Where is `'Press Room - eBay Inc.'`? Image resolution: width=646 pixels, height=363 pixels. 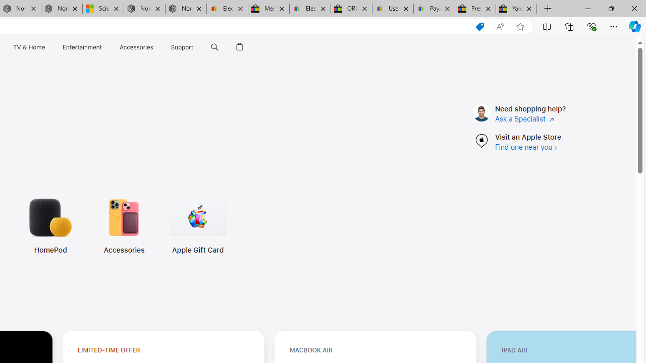
'Press Room - eBay Inc.' is located at coordinates (475, 9).